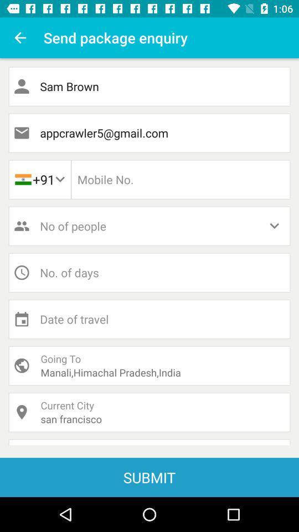 Image resolution: width=299 pixels, height=532 pixels. I want to click on return to the previous page, so click(20, 38).